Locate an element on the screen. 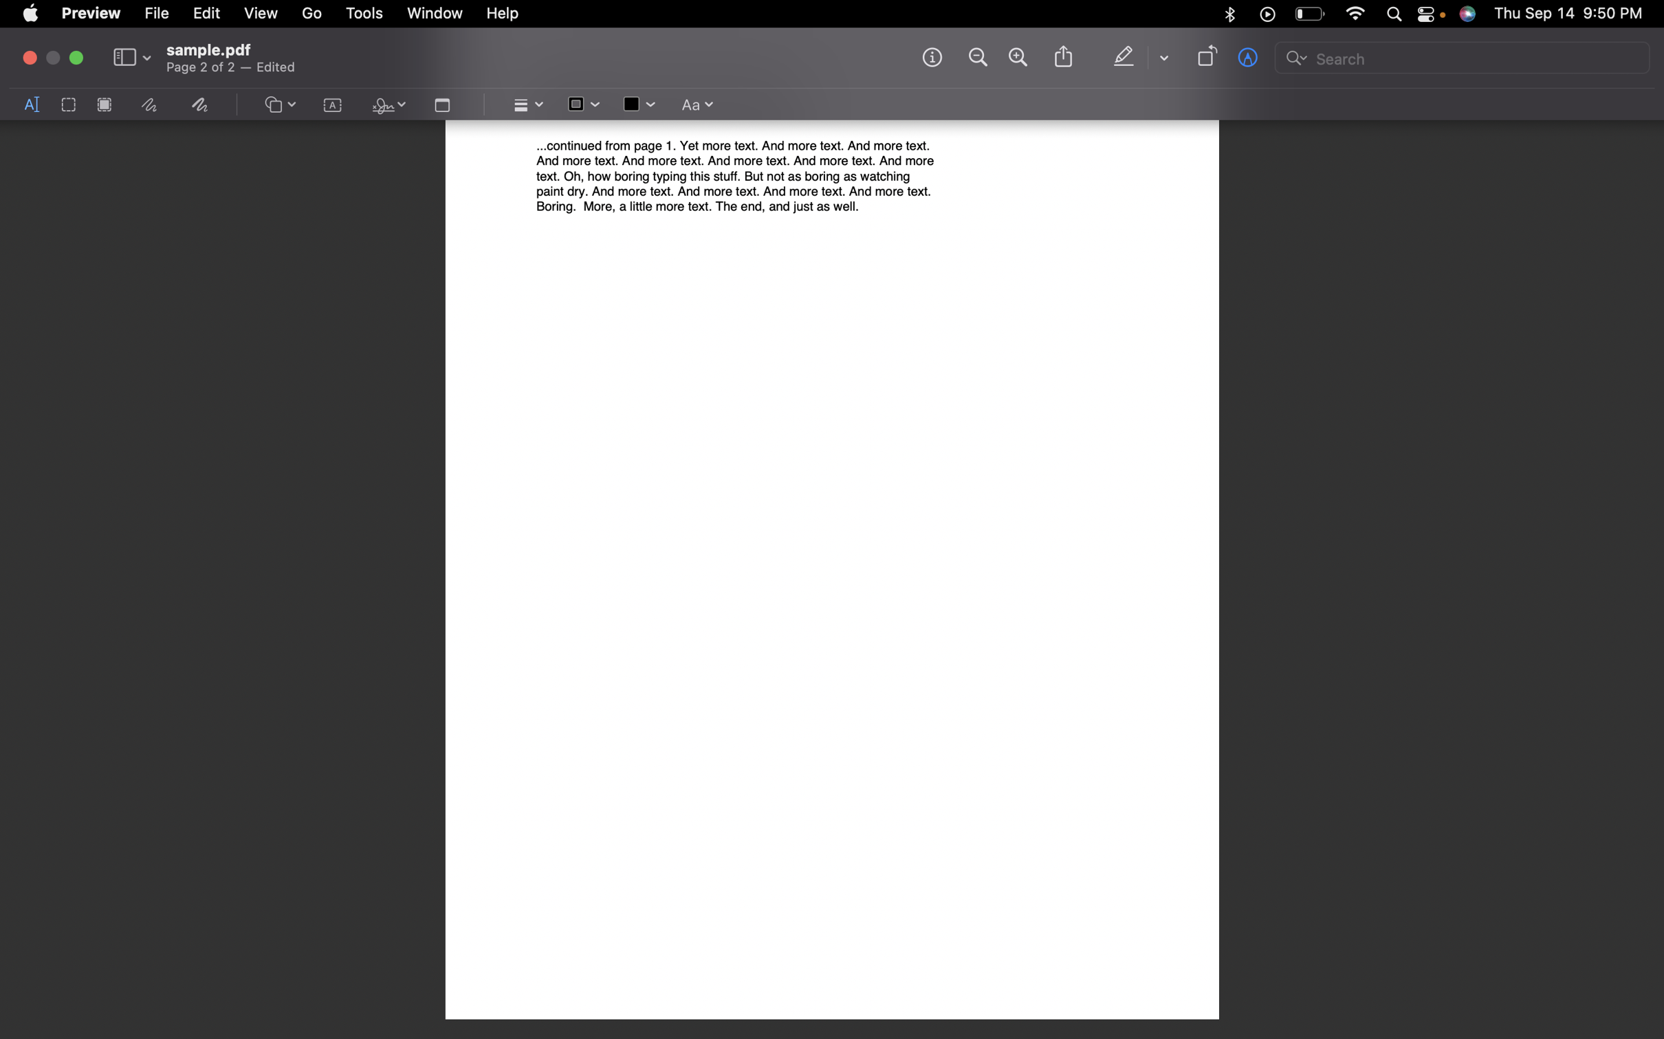  Execute the "redact" command via pyautogui click is located at coordinates (104, 105).